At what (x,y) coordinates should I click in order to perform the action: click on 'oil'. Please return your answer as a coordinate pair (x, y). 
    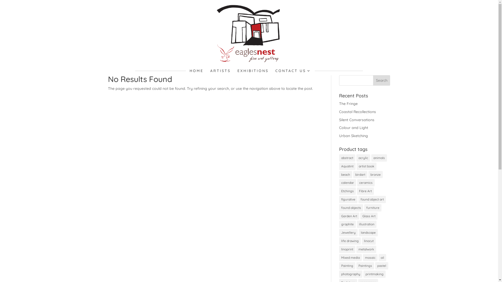
    Looking at the image, I should click on (379, 257).